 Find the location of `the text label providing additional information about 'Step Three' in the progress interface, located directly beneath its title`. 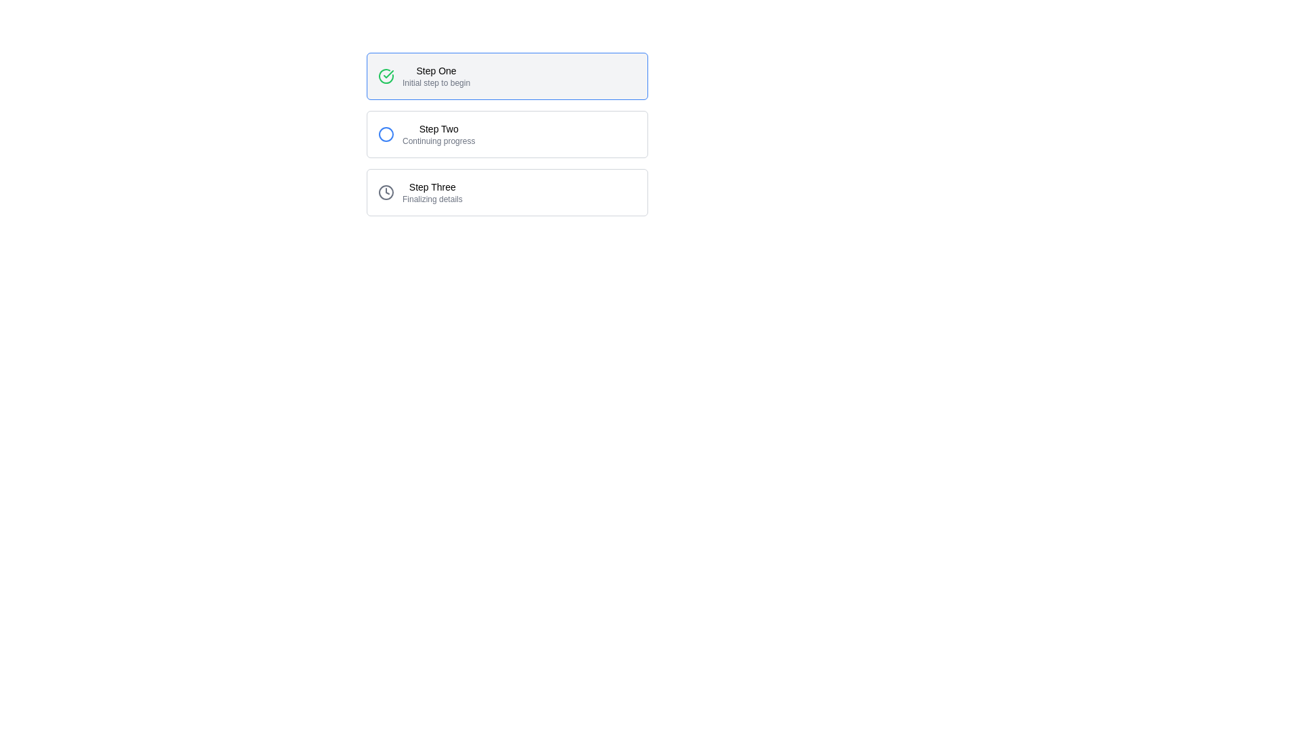

the text label providing additional information about 'Step Three' in the progress interface, located directly beneath its title is located at coordinates (432, 199).